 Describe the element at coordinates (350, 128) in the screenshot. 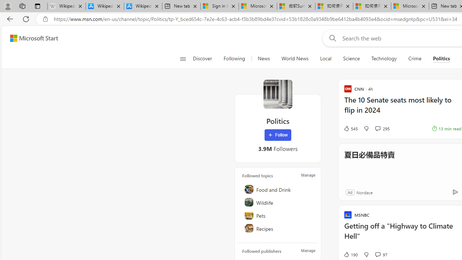

I see `'545 Like'` at that location.